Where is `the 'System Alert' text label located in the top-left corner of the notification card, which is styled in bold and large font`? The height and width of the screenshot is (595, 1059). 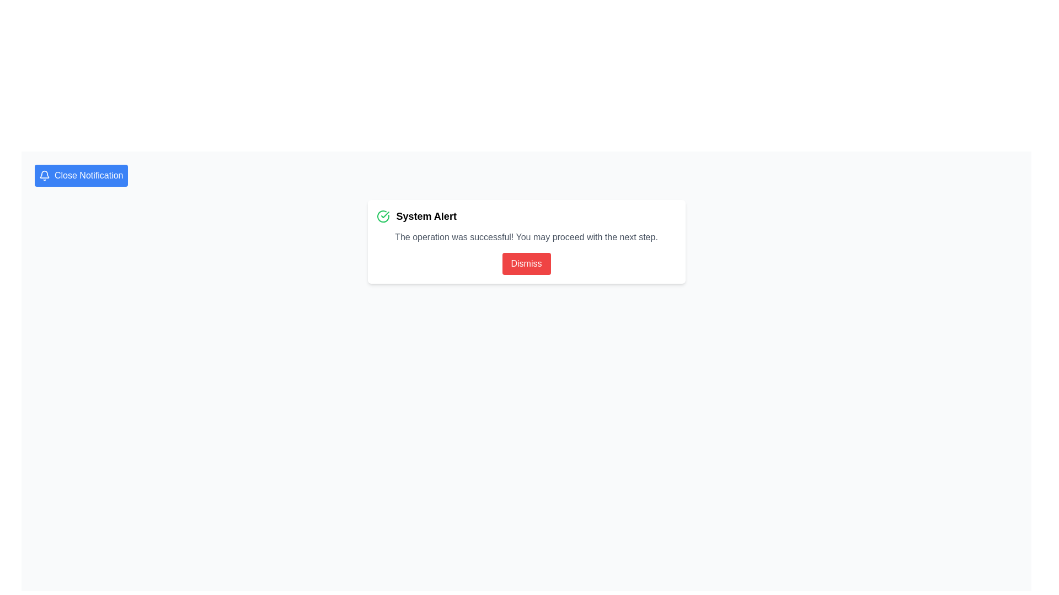
the 'System Alert' text label located in the top-left corner of the notification card, which is styled in bold and large font is located at coordinates (426, 217).